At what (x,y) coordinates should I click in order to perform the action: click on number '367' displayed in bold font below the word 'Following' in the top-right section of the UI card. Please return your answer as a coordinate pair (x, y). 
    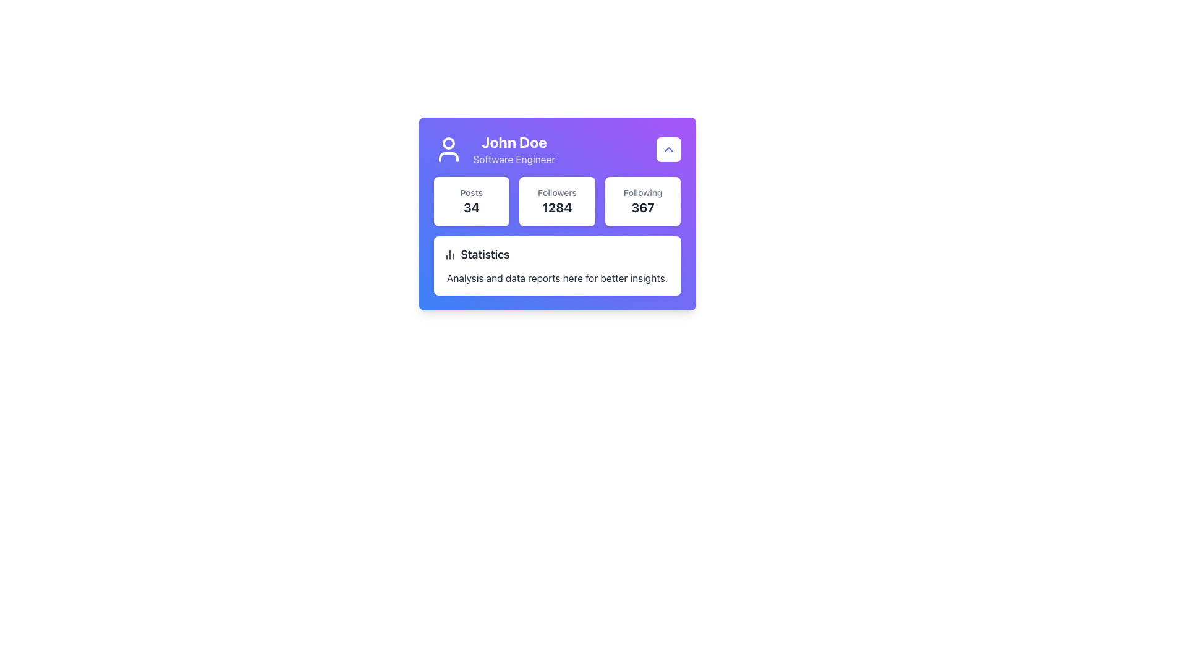
    Looking at the image, I should click on (643, 207).